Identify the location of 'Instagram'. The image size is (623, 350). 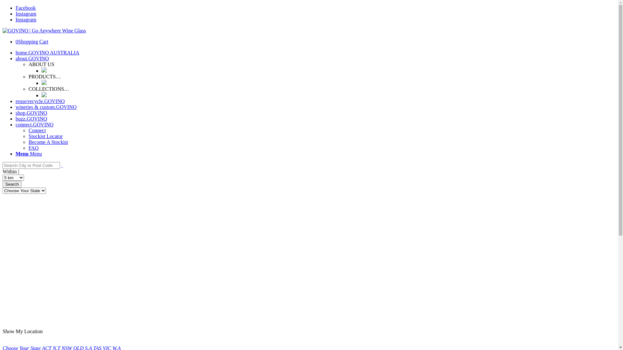
(26, 19).